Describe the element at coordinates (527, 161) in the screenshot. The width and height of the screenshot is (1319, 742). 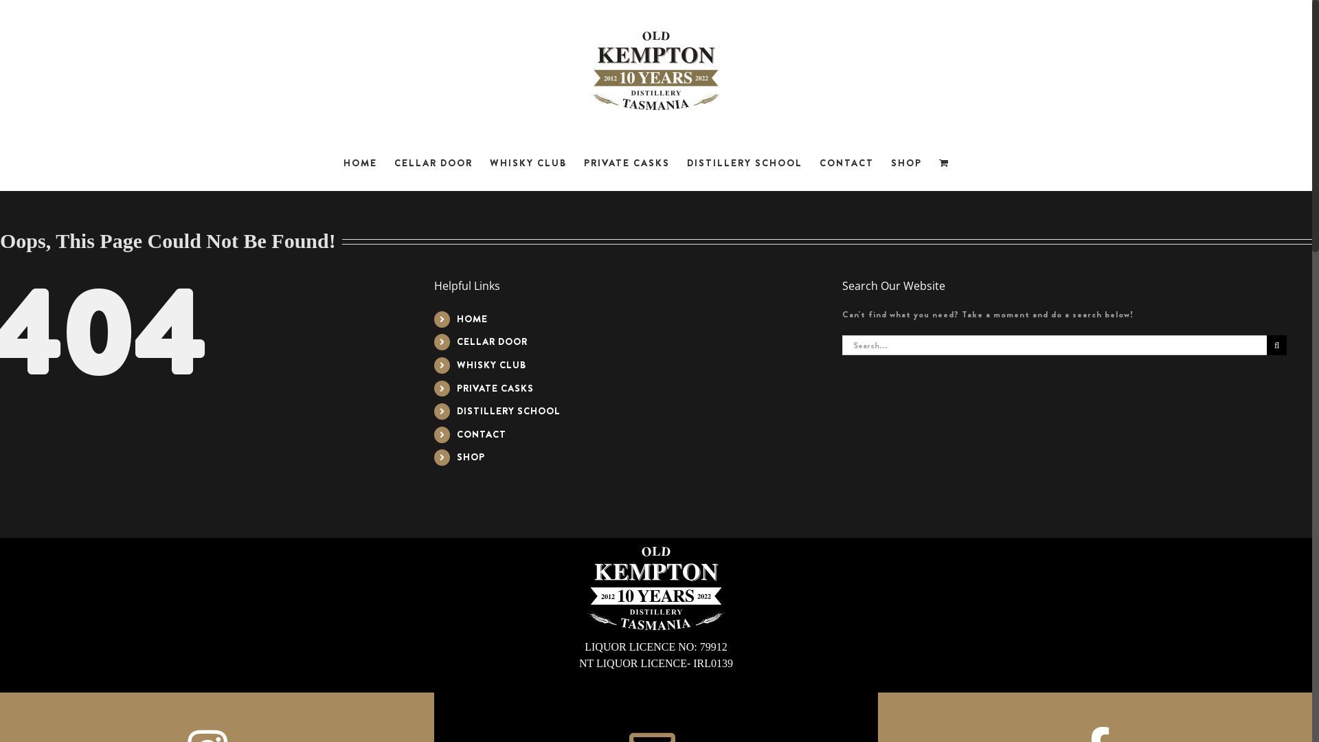
I see `'WHISKY CLUB'` at that location.